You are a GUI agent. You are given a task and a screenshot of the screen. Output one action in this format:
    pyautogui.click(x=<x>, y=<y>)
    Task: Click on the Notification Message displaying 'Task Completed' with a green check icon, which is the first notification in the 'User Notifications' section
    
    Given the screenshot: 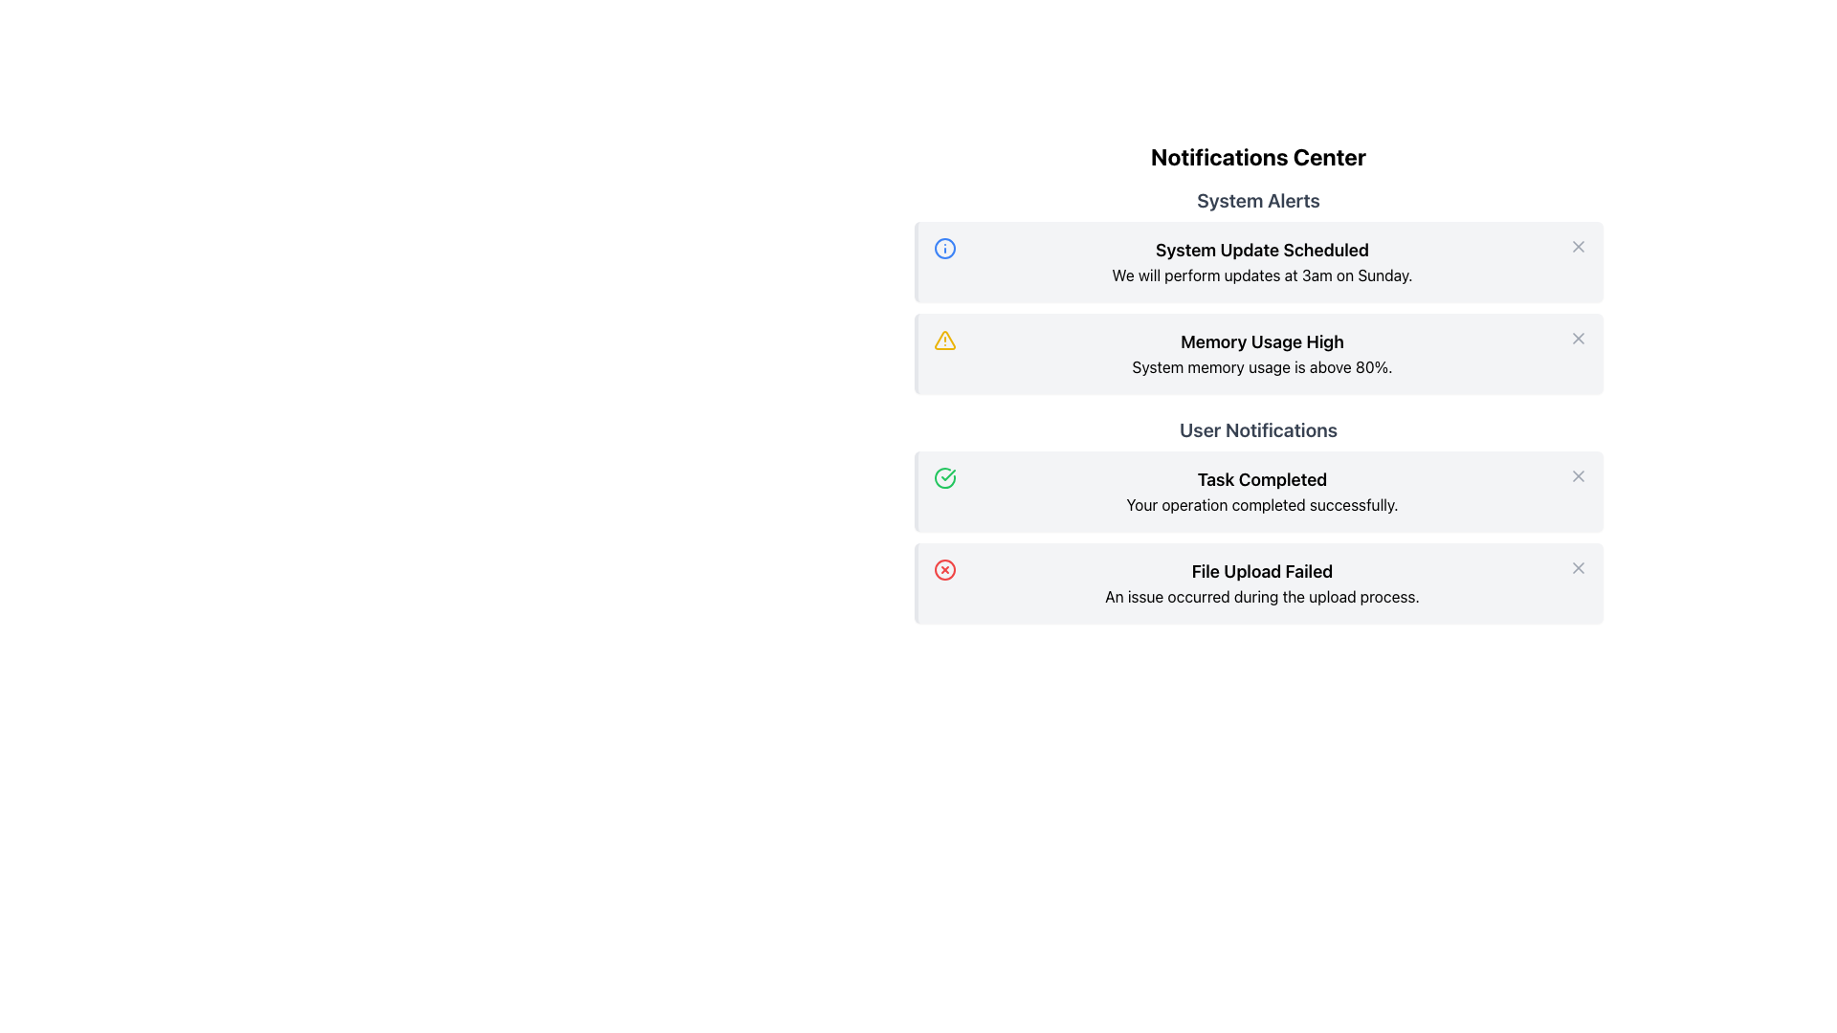 What is the action you would take?
    pyautogui.click(x=1258, y=490)
    